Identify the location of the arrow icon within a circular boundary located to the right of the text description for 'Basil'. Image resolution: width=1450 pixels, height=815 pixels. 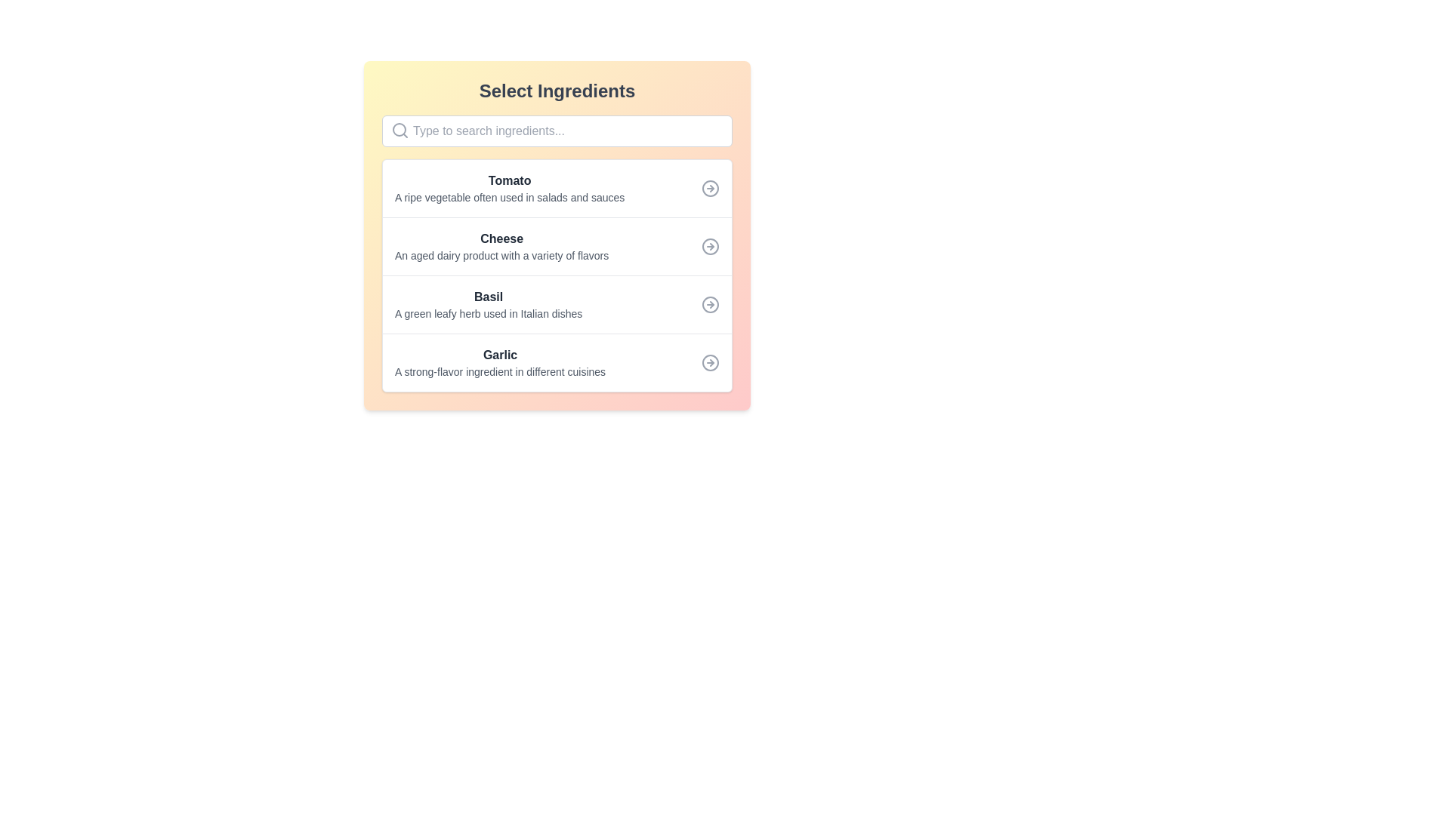
(709, 305).